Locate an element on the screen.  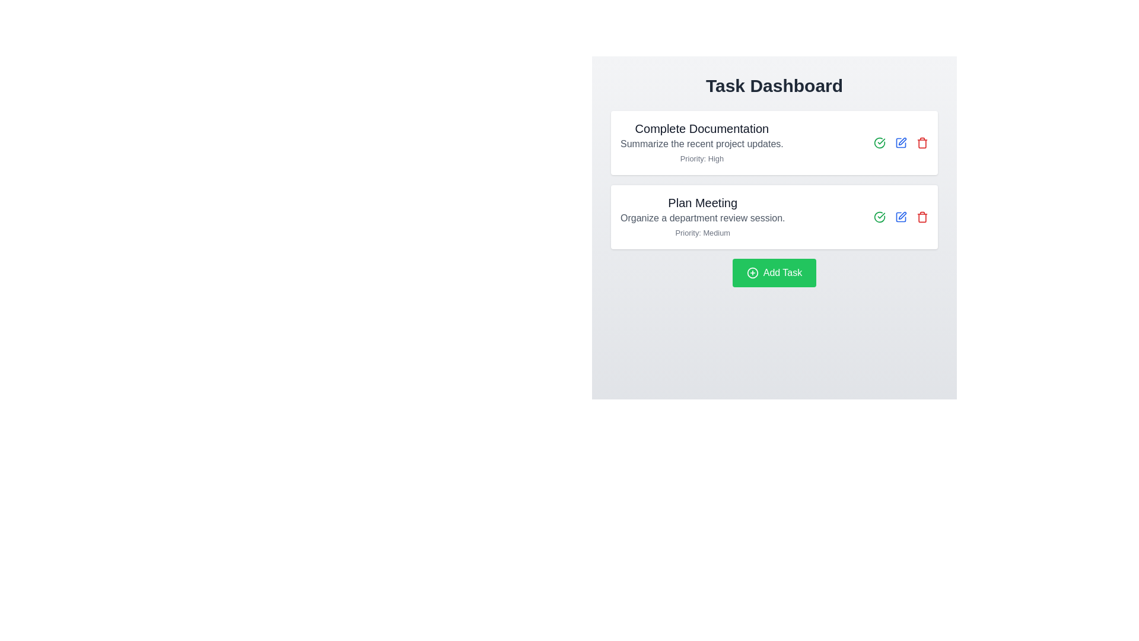
the Text Label element displaying 'Plan Meeting', which is styled in a large bold font and positioned at the center-top of the task card beneath 'Complete Documentation' and above the 'Add Task' button is located at coordinates (702, 202).